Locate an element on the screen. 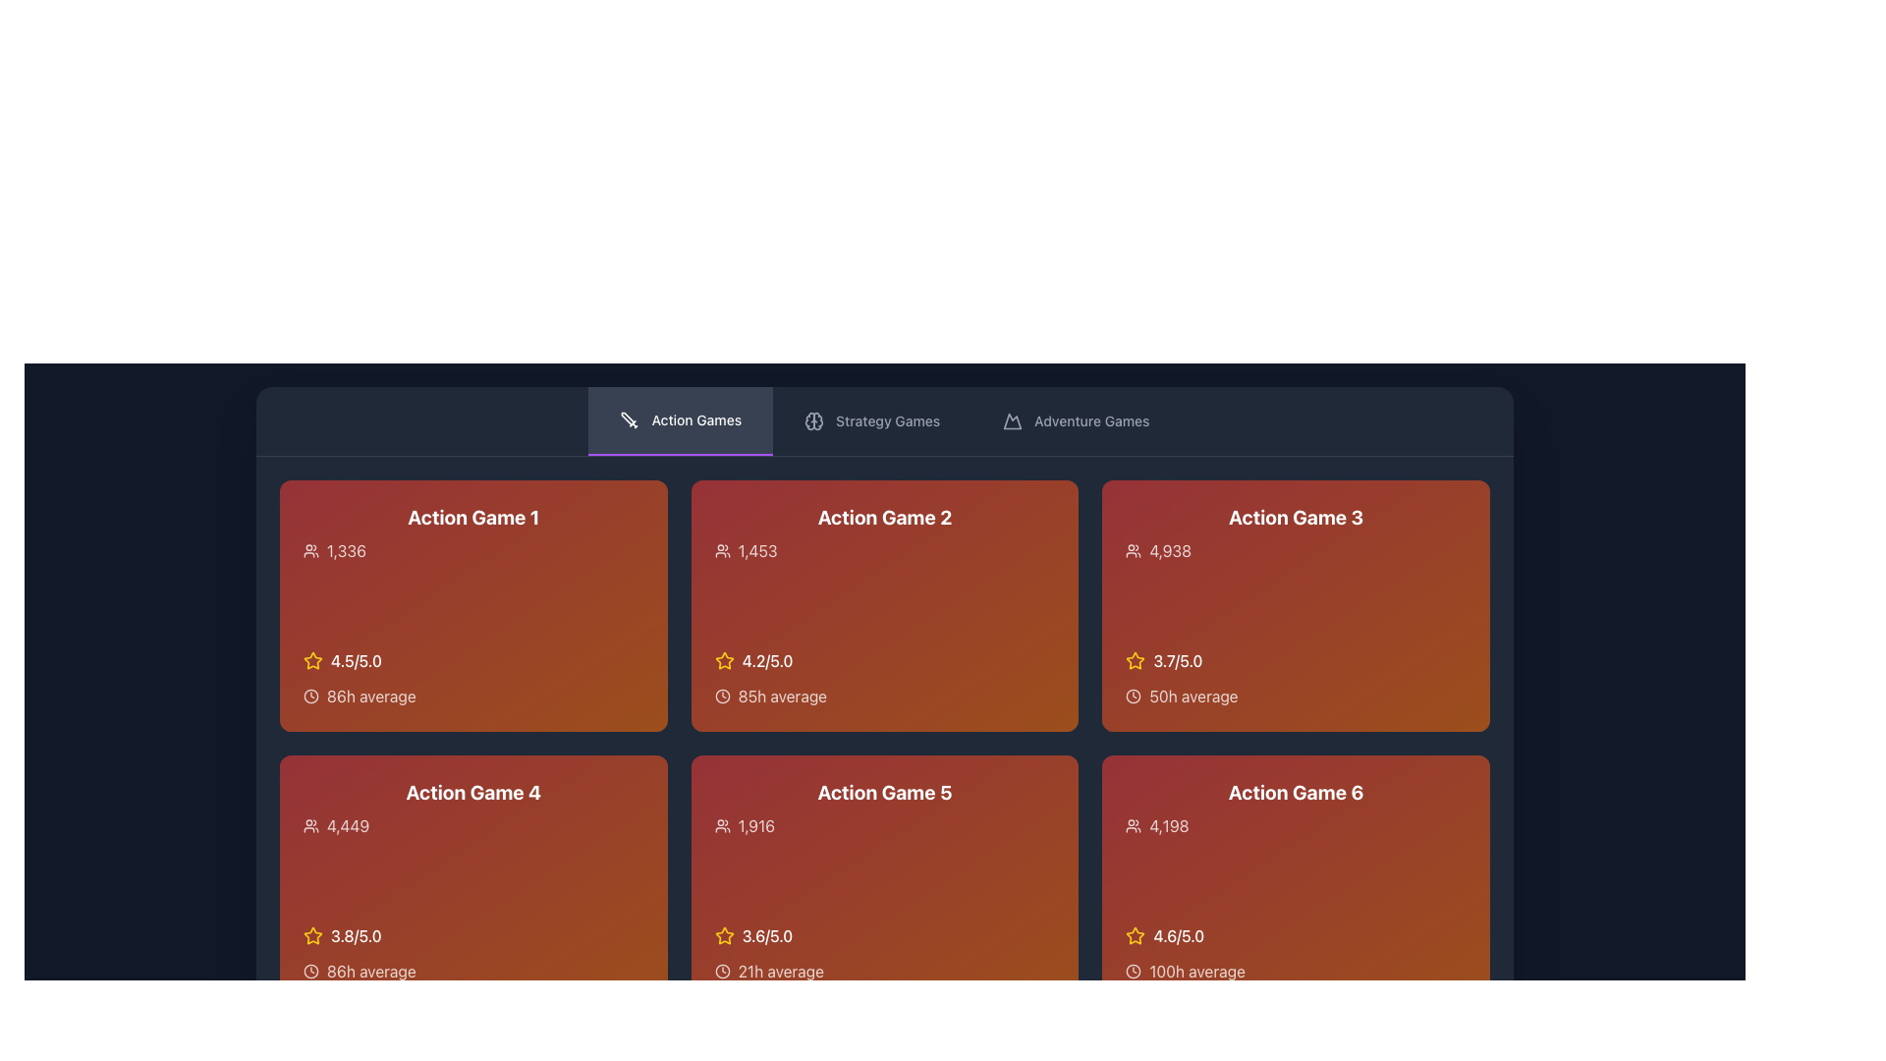  the text label indicating the number of users or interactions associated with 'Action Game 6', located in the lower-right corner of the grid is located at coordinates (1169, 825).